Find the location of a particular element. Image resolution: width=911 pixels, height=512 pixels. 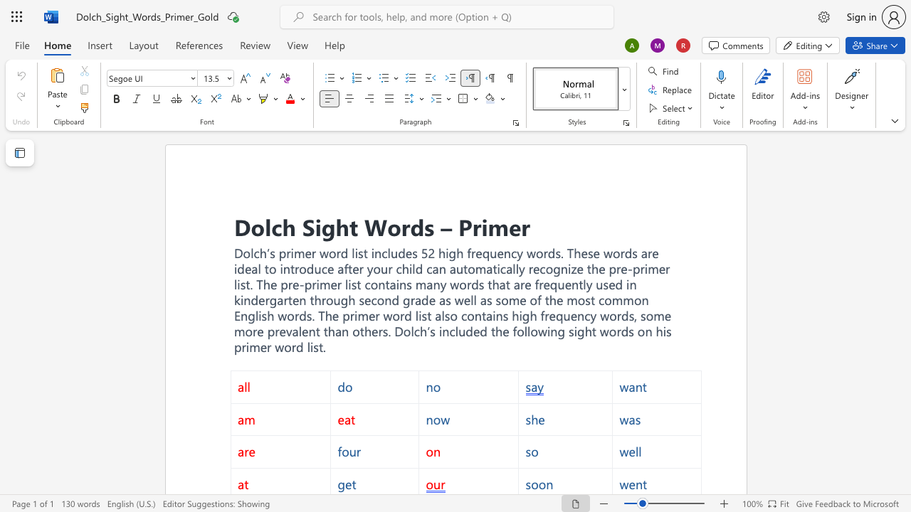

the 3th character "e" in the text is located at coordinates (667, 315).